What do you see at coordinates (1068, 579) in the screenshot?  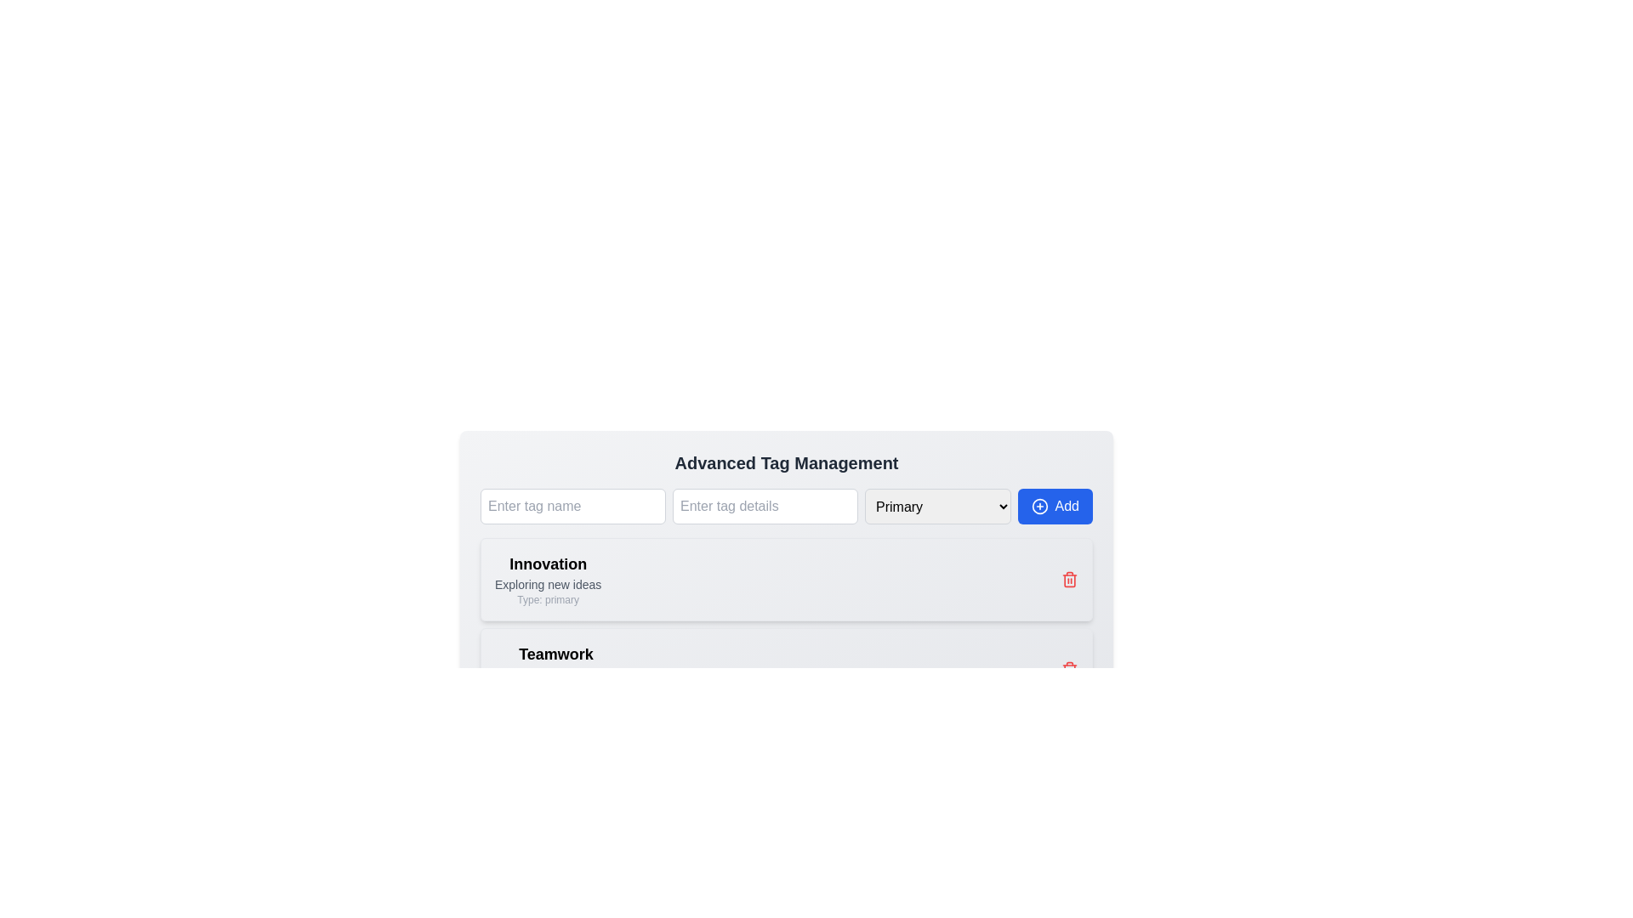 I see `the delete button located on the far right of the 'Innovation' entry` at bounding box center [1068, 579].